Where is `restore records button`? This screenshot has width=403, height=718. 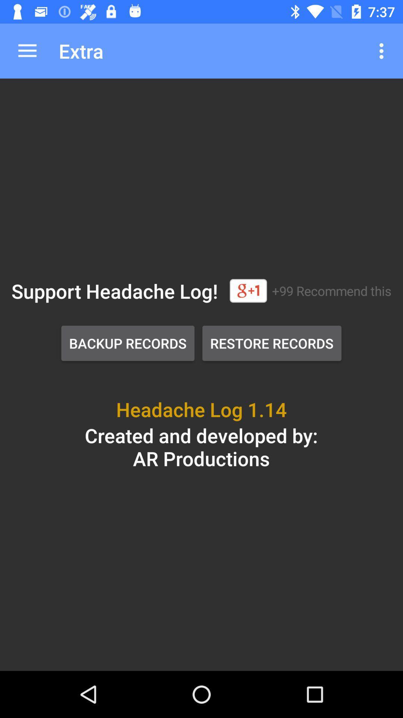
restore records button is located at coordinates (272, 343).